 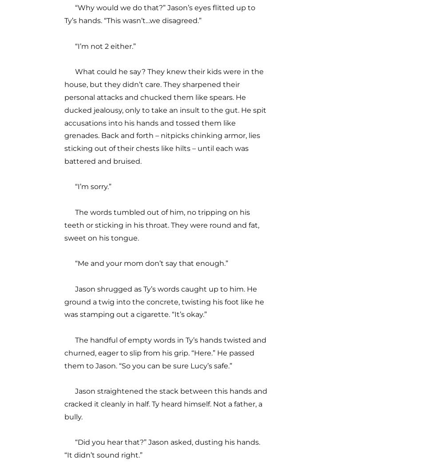 What do you see at coordinates (64, 403) in the screenshot?
I see `'Jason straightened the stack between this hands and cracked it cleanly in half. Ty heard himself. Not a father, a bully.'` at bounding box center [64, 403].